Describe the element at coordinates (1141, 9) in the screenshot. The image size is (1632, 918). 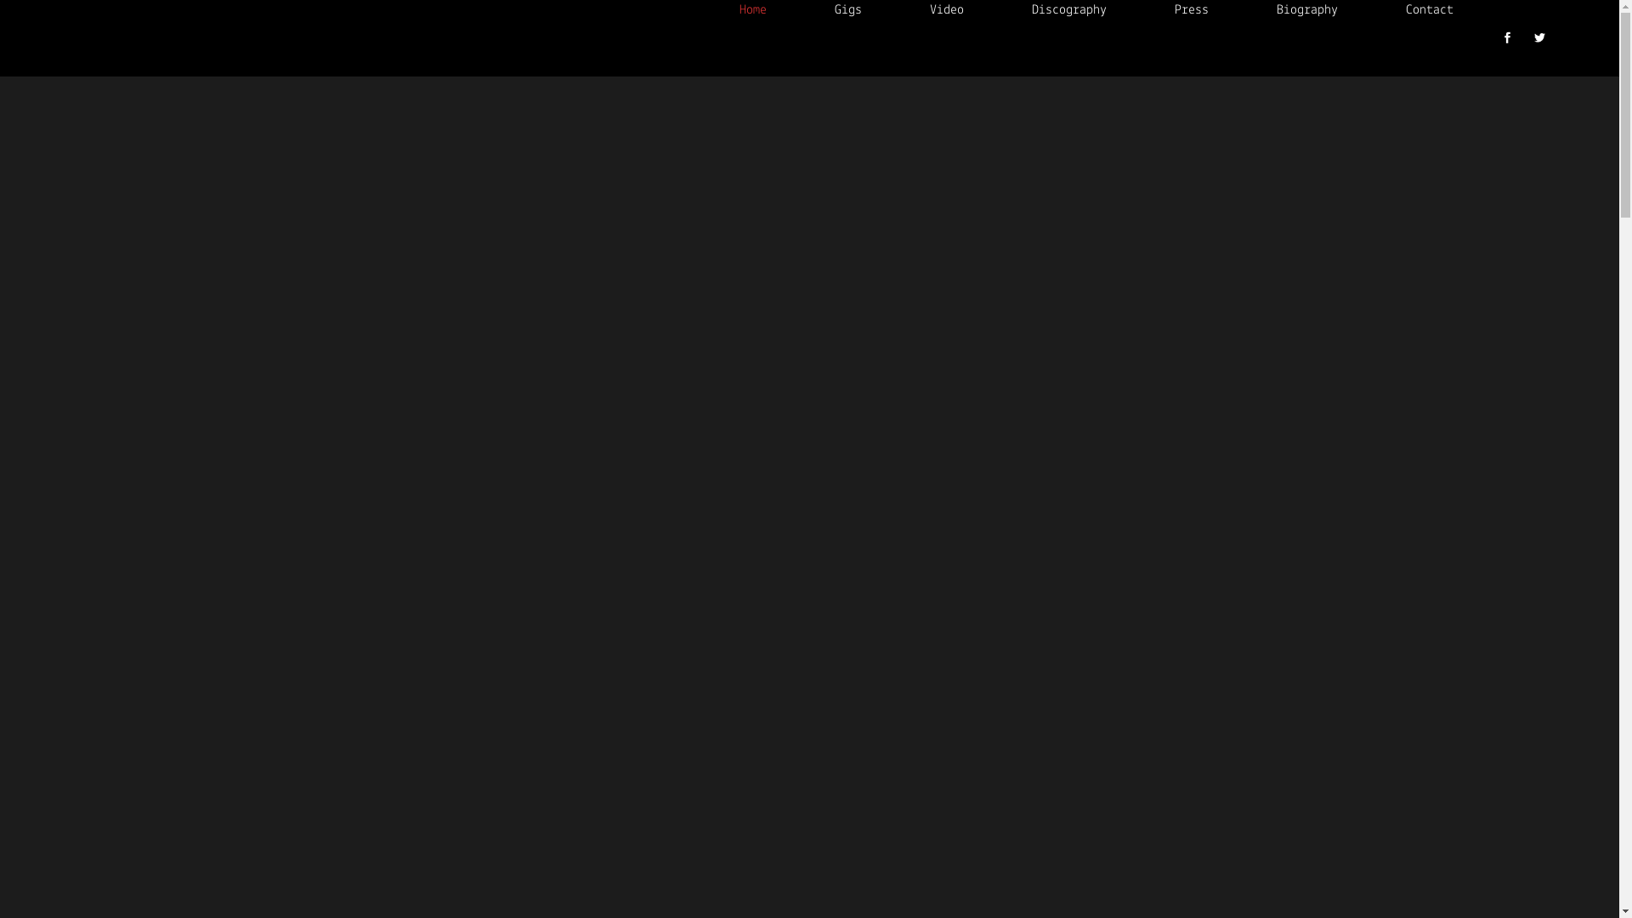
I see `'Press'` at that location.